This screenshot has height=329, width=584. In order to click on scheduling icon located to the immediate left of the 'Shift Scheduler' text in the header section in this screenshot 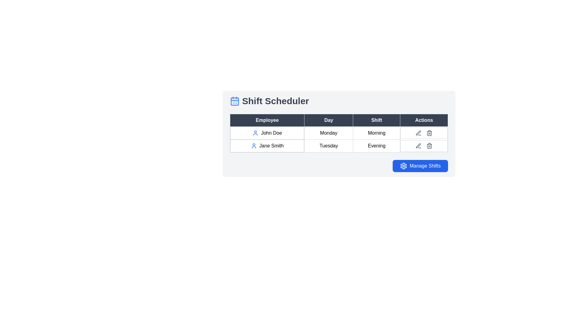, I will do `click(235, 101)`.